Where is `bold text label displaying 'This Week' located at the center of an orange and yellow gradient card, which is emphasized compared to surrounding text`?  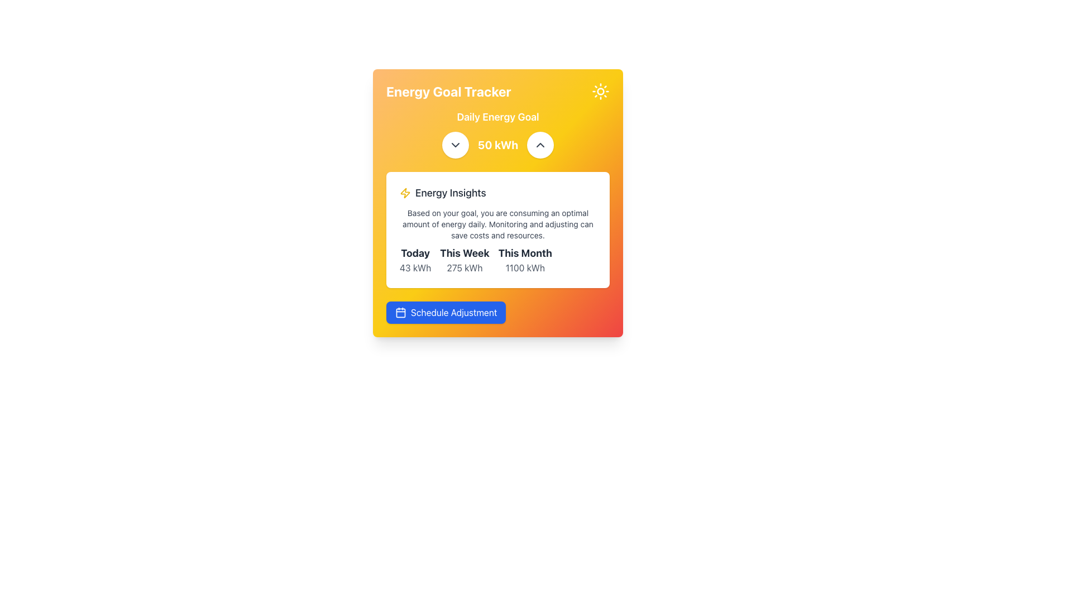
bold text label displaying 'This Week' located at the center of an orange and yellow gradient card, which is emphasized compared to surrounding text is located at coordinates (465, 253).